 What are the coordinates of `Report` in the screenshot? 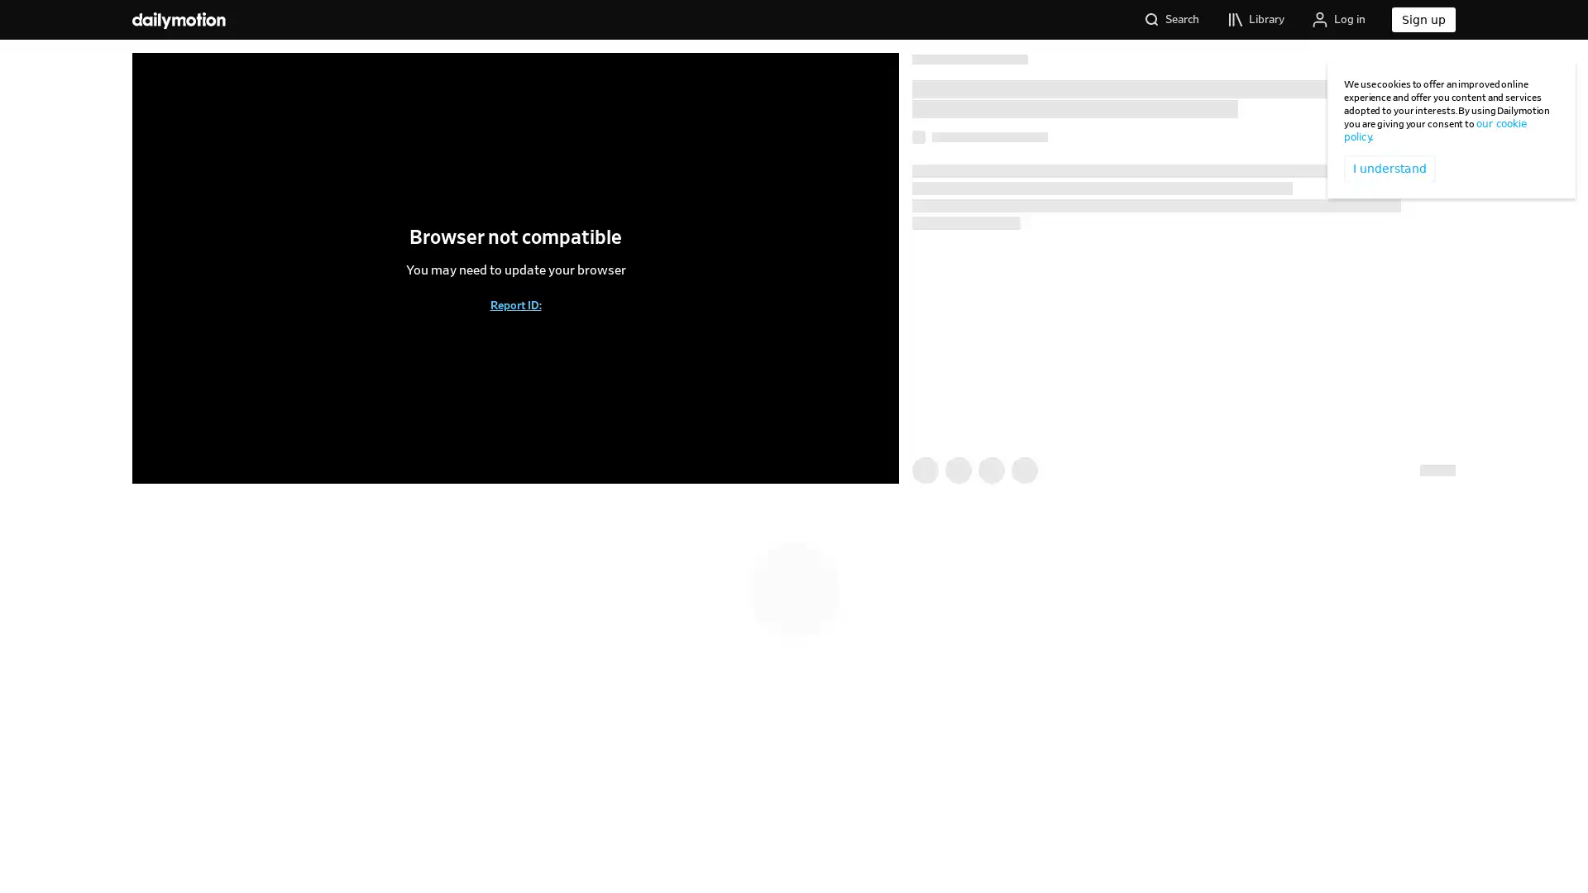 It's located at (1439, 418).